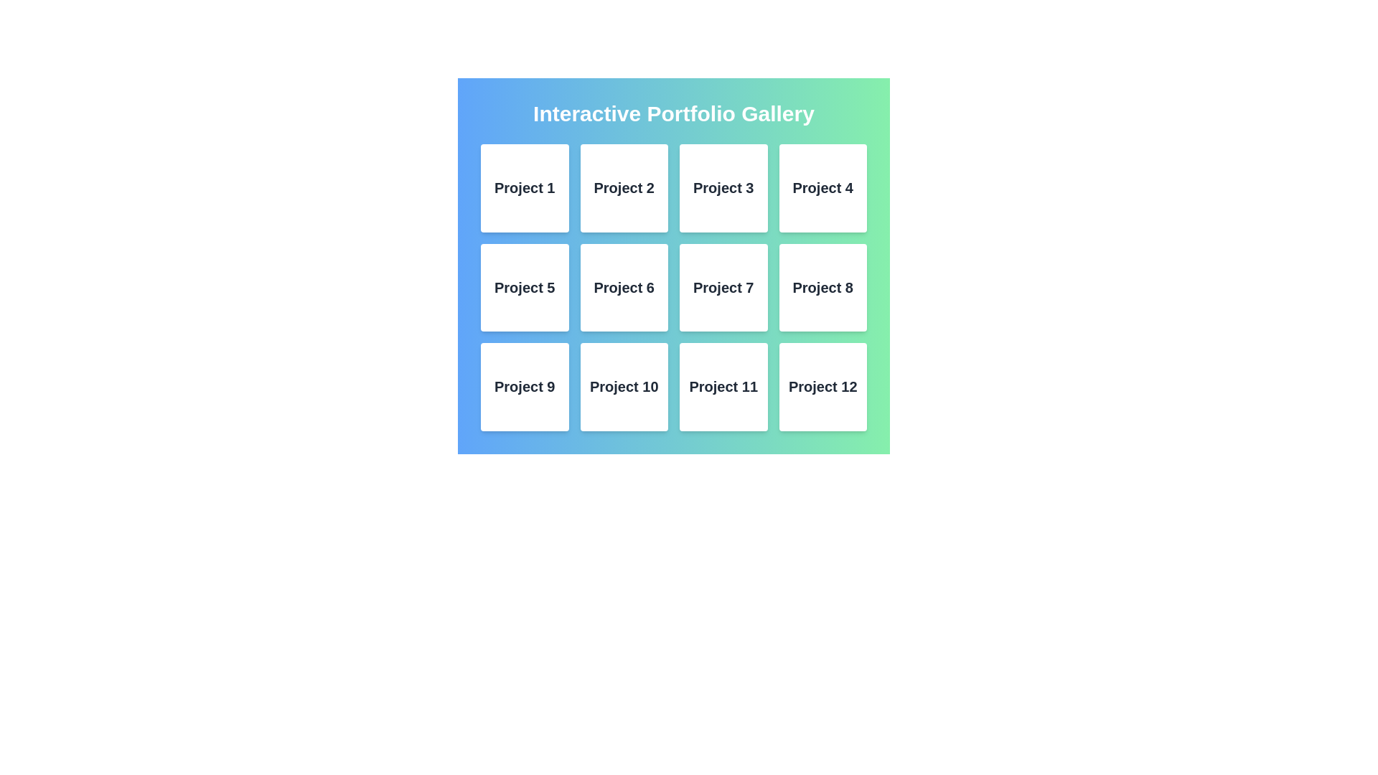 Image resolution: width=1378 pixels, height=775 pixels. Describe the element at coordinates (822, 386) in the screenshot. I see `the 'Project 12' card, which is a square box with a white background and rounded corners located in the bottom-right corner of a 4x3 grid layout` at that location.